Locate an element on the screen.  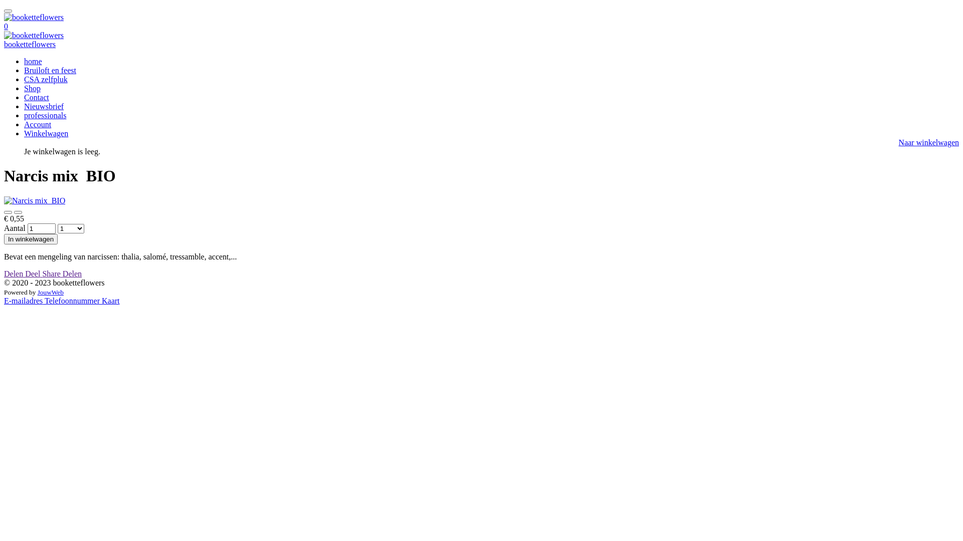
'Shop' is located at coordinates (32, 88).